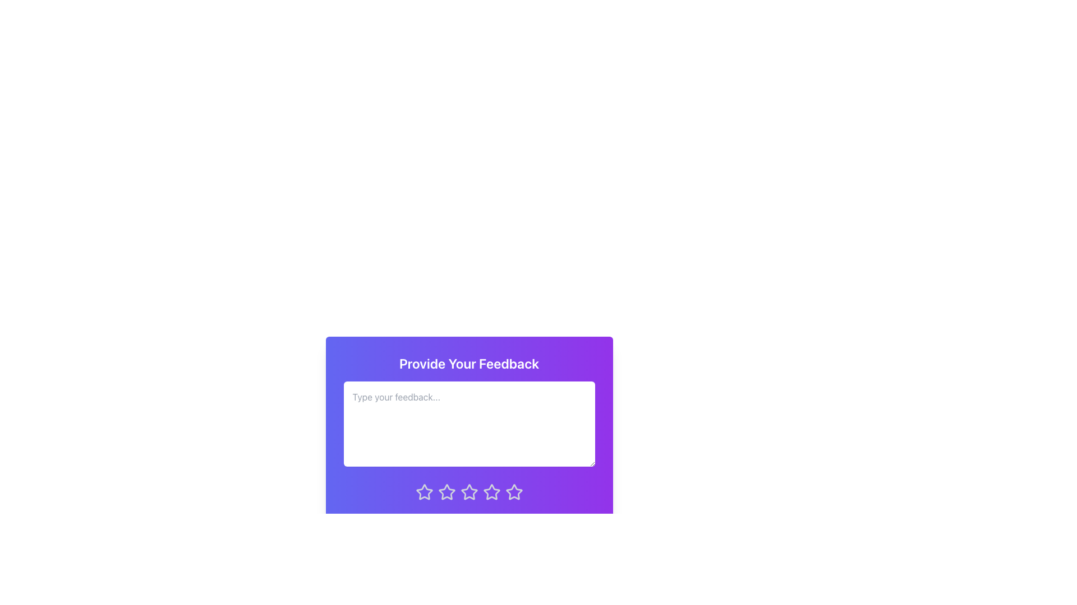 The width and height of the screenshot is (1077, 605). I want to click on the fifth rating star icon, which is located in a row of five similar star icons beneath the 'Provide Your Feedback' text input field, so click(491, 492).